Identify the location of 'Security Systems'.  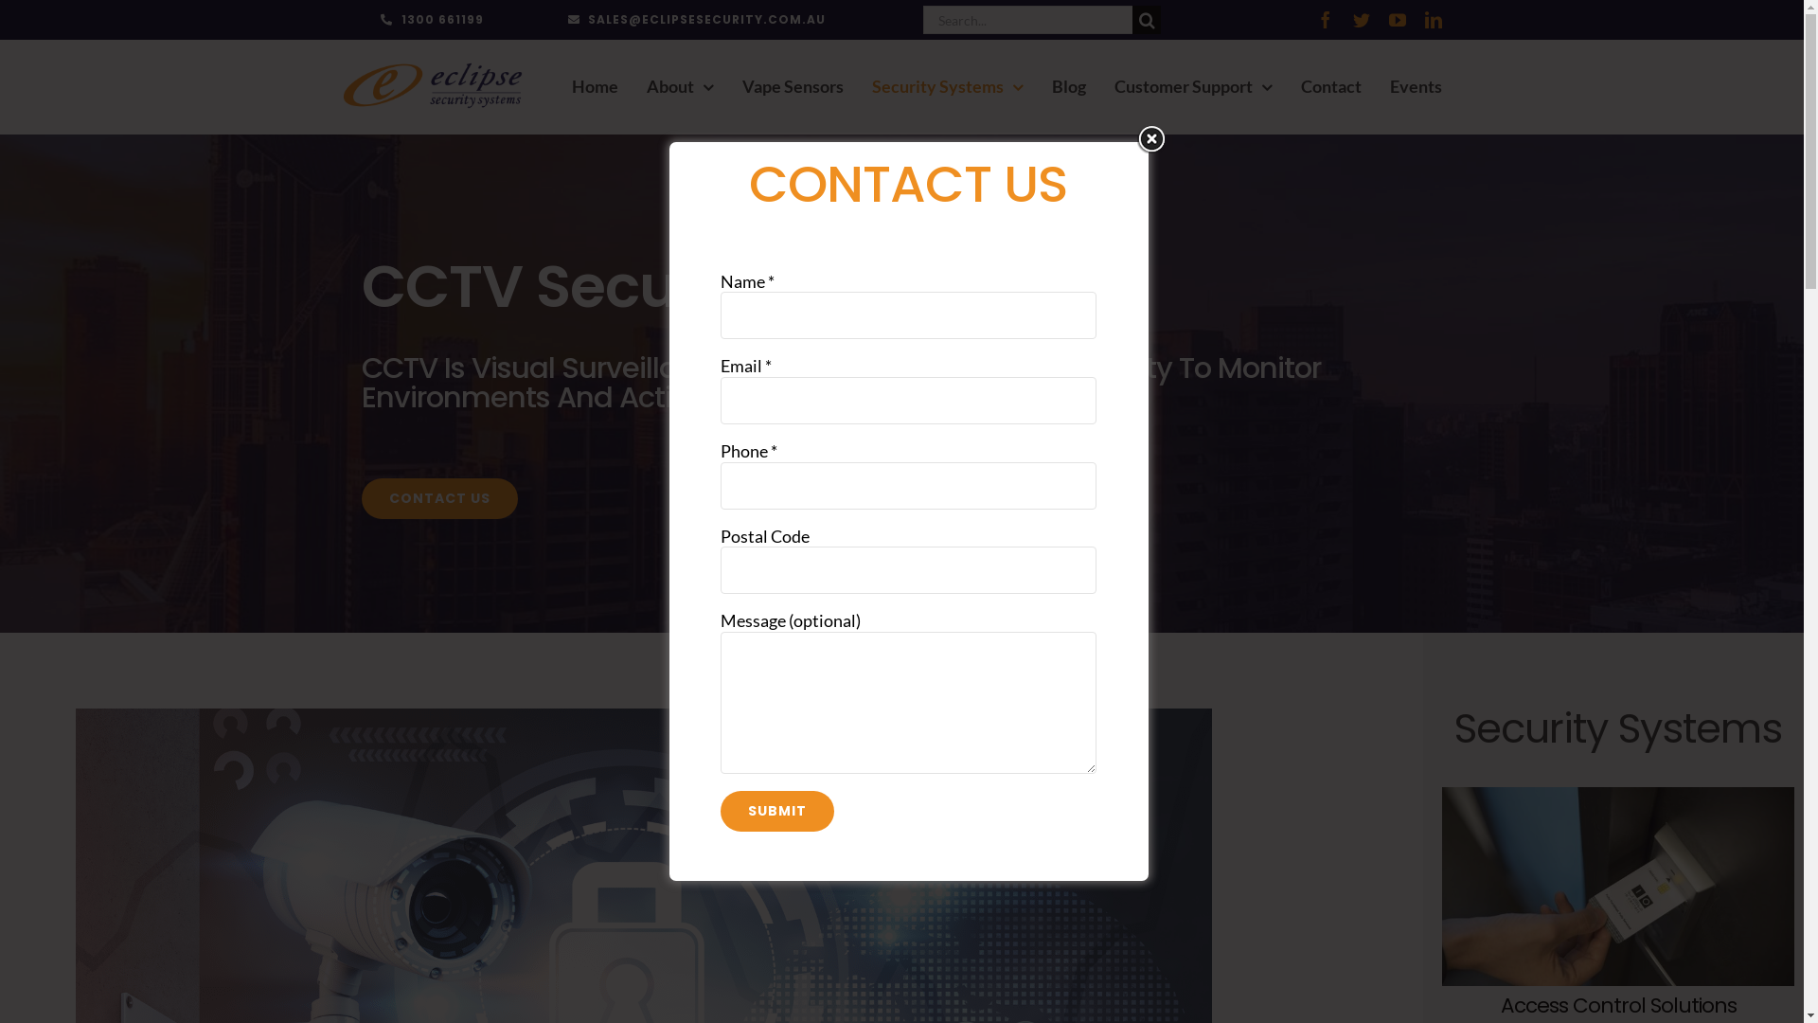
(948, 87).